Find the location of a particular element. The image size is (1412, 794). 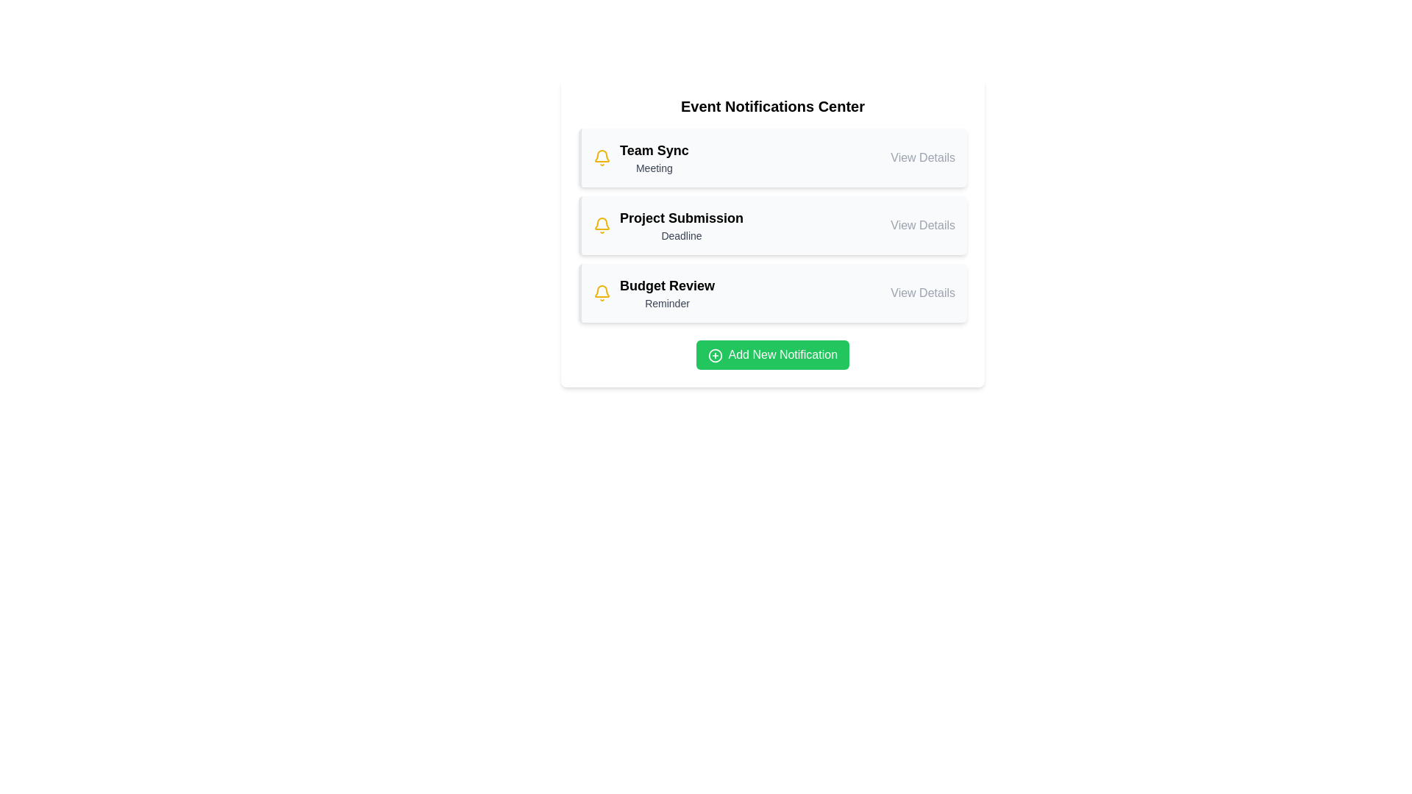

the 'View Details' button located at the far right of the notification row for 'Project Submission' is located at coordinates (922, 226).